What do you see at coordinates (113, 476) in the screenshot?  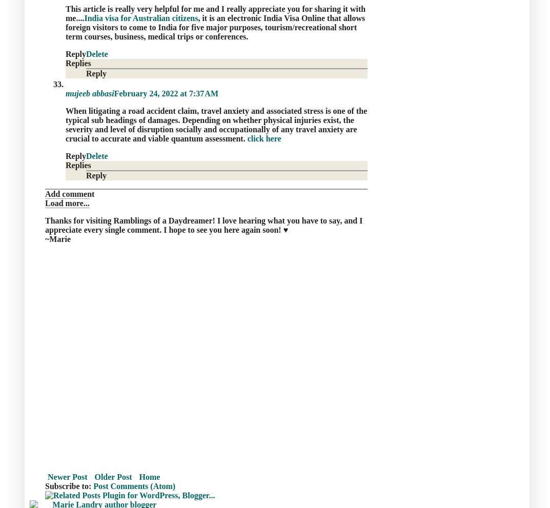 I see `'Older Post'` at bounding box center [113, 476].